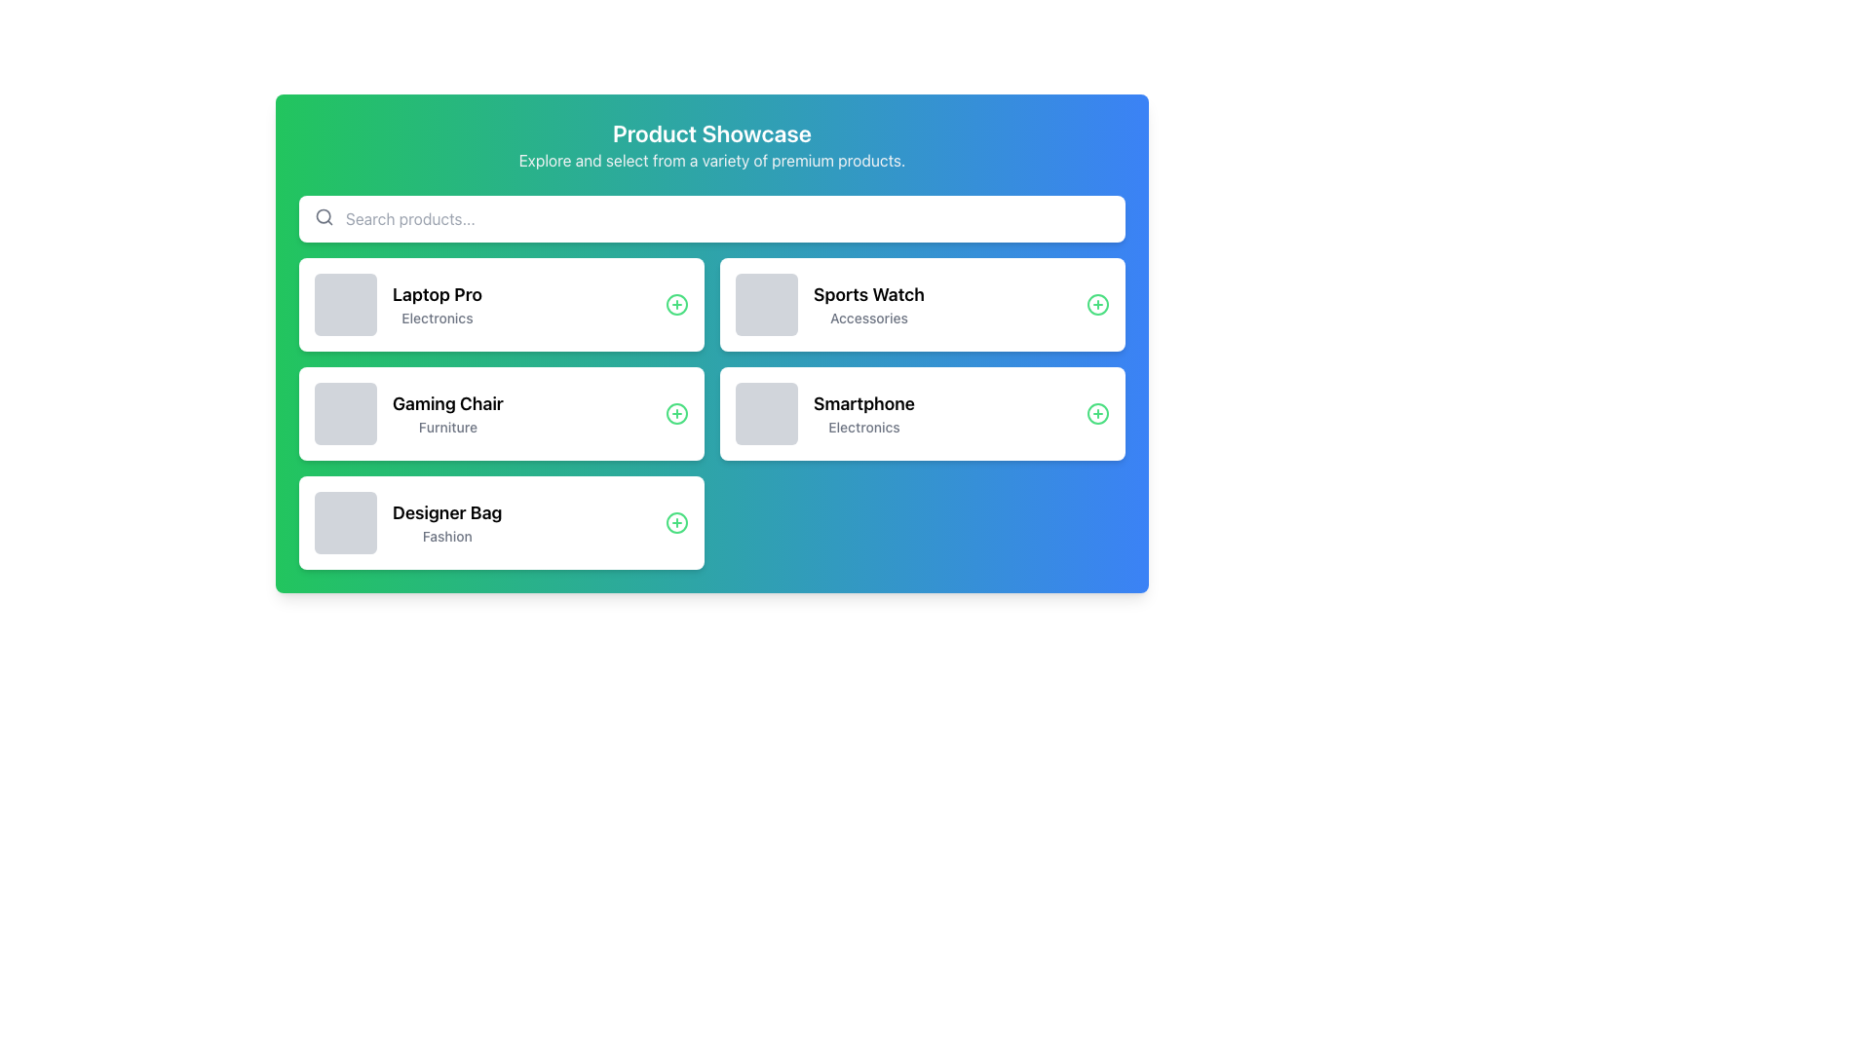  I want to click on the circular outline component of the plus icon located in the bottom-right corner of the second card under the 'Gaming Chair' title, so click(677, 412).